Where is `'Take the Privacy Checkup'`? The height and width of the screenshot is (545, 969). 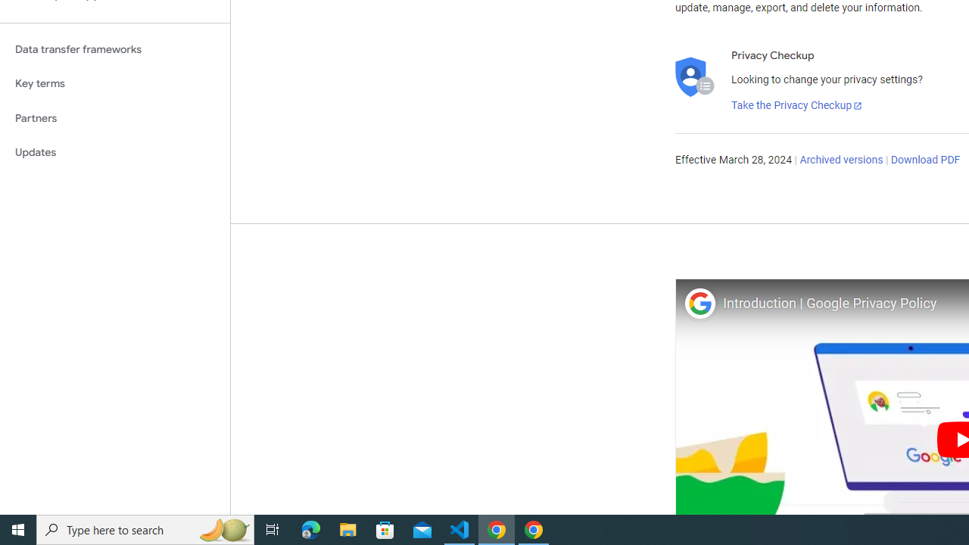
'Take the Privacy Checkup' is located at coordinates (796, 105).